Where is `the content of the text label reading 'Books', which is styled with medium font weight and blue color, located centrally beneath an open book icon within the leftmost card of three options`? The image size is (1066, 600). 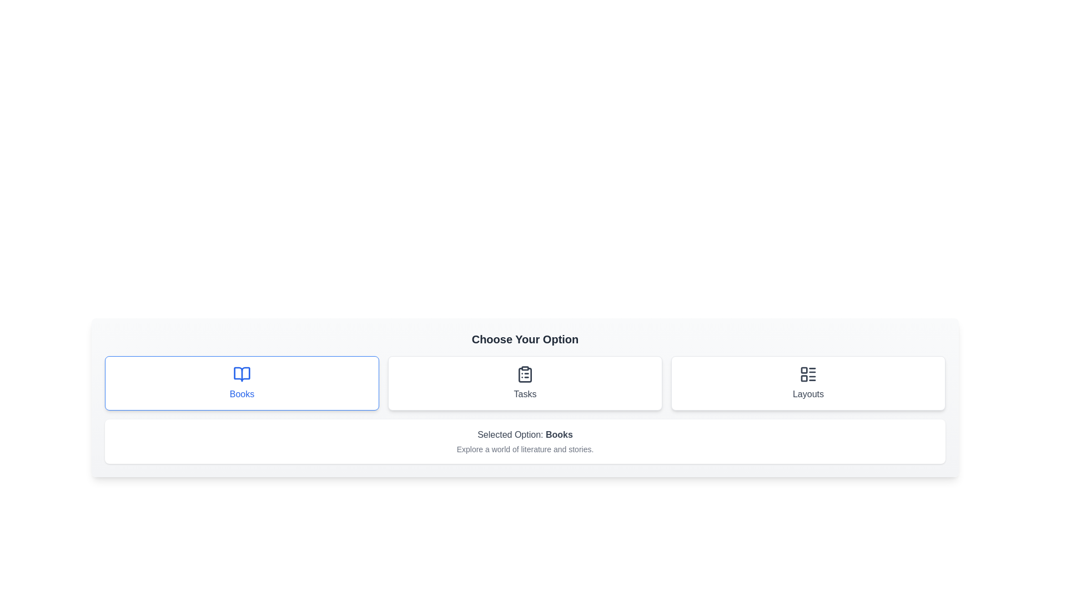
the content of the text label reading 'Books', which is styled with medium font weight and blue color, located centrally beneath an open book icon within the leftmost card of three options is located at coordinates (242, 393).